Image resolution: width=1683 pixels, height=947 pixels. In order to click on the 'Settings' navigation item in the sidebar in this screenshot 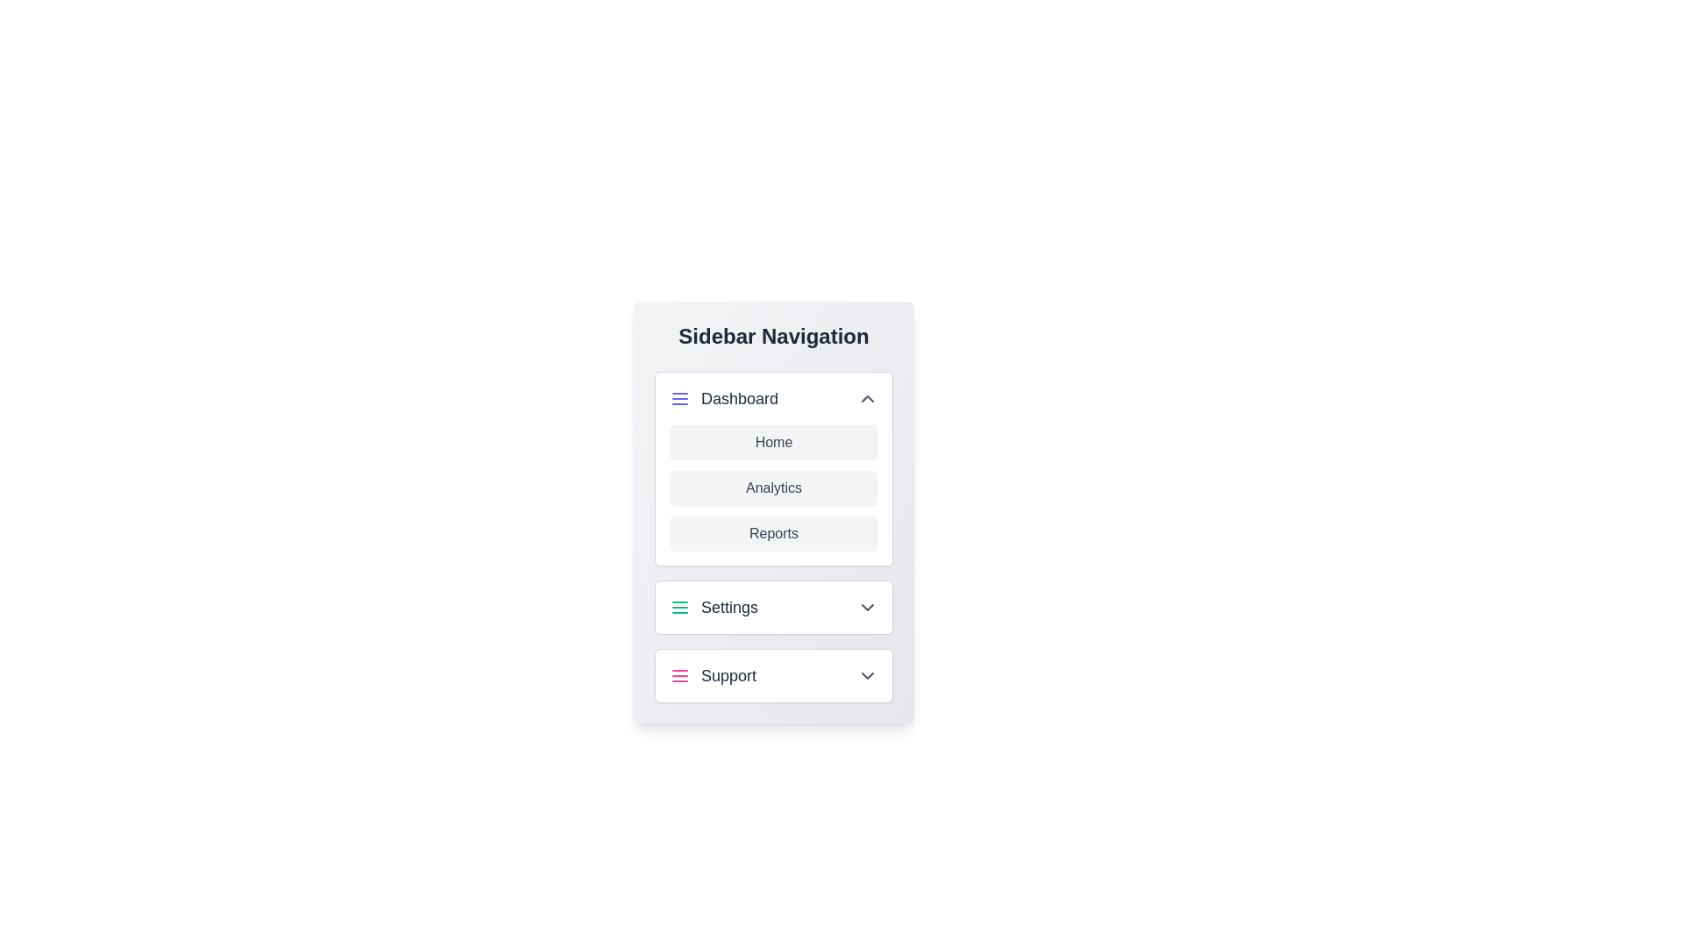, I will do `click(714, 607)`.